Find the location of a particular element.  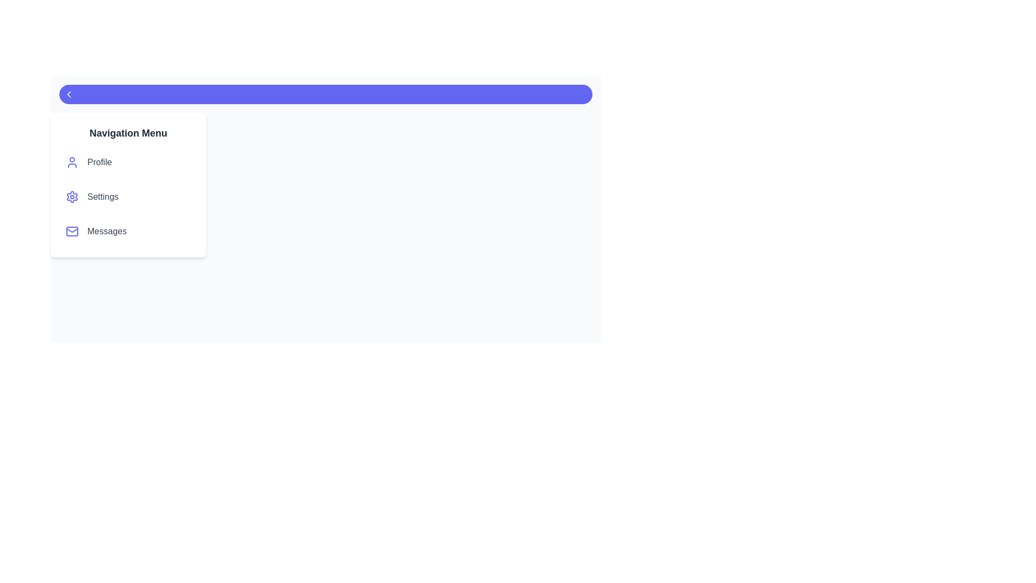

toggle button to toggle the drawer's visibility is located at coordinates (325, 93).